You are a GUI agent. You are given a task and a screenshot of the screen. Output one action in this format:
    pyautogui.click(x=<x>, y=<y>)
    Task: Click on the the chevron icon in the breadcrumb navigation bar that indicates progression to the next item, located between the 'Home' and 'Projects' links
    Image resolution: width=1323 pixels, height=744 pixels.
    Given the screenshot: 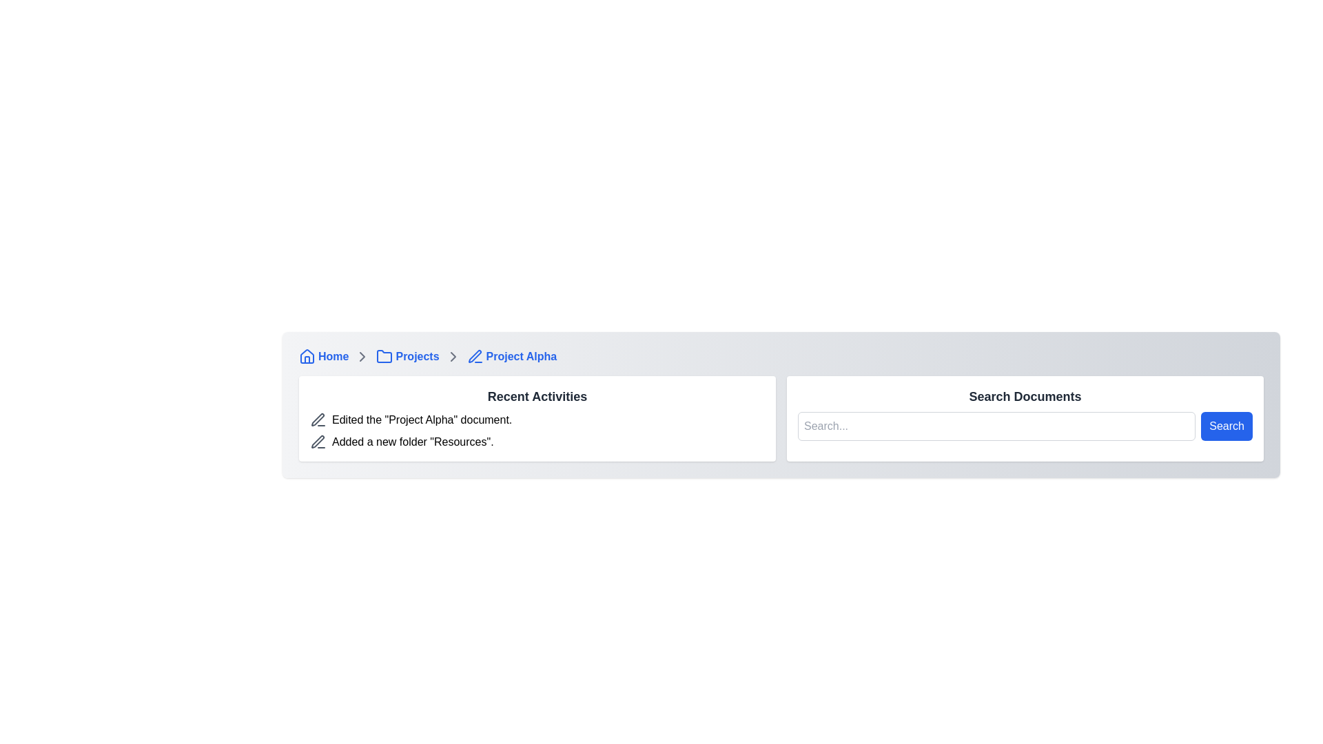 What is the action you would take?
    pyautogui.click(x=362, y=355)
    